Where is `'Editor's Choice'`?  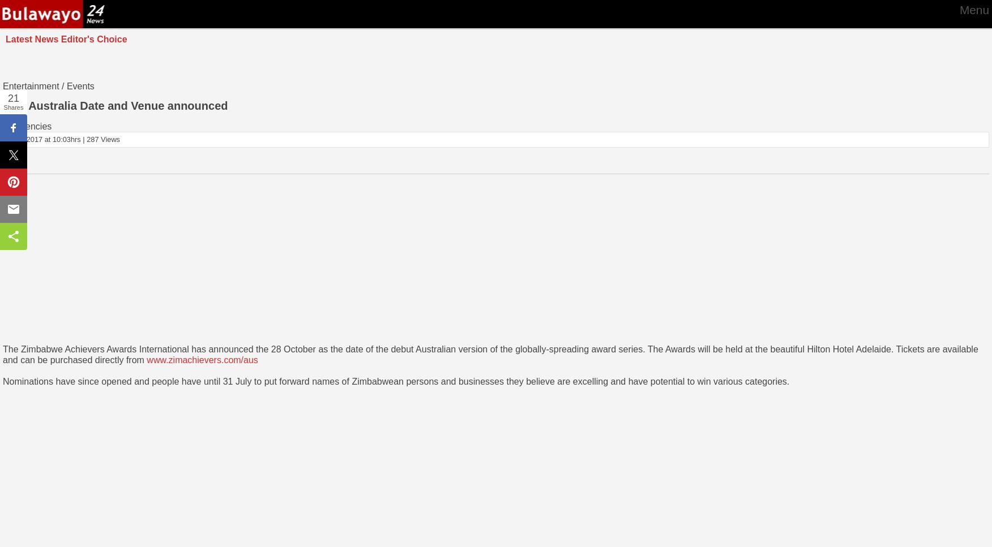 'Editor's Choice' is located at coordinates (93, 38).